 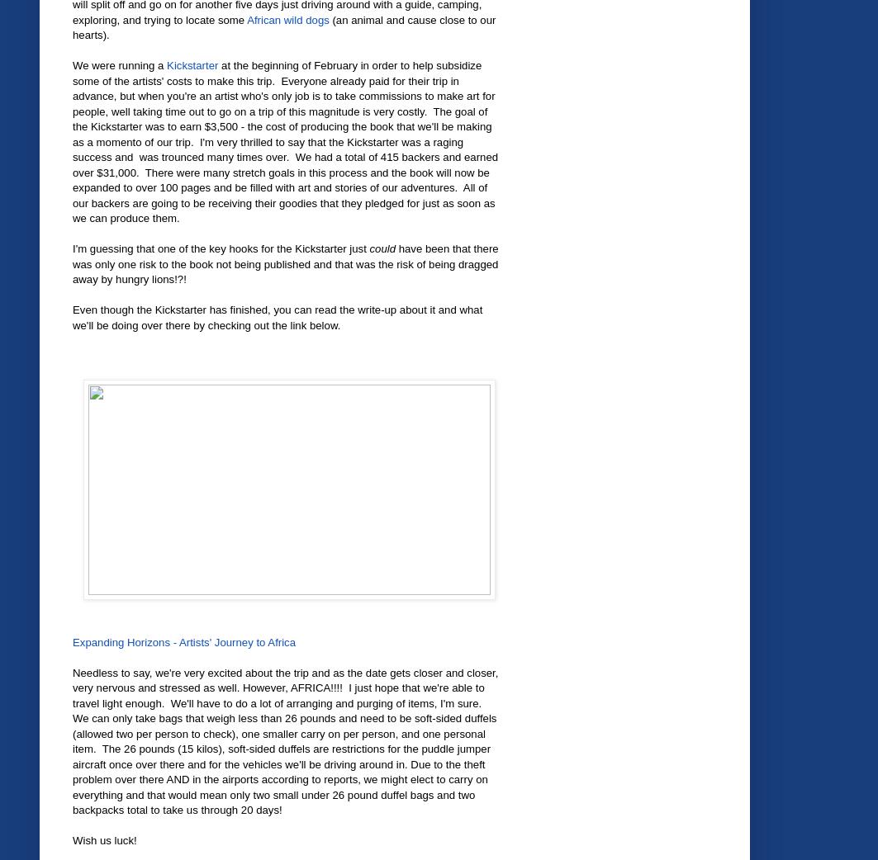 What do you see at coordinates (119, 64) in the screenshot?
I see `'We were running a'` at bounding box center [119, 64].